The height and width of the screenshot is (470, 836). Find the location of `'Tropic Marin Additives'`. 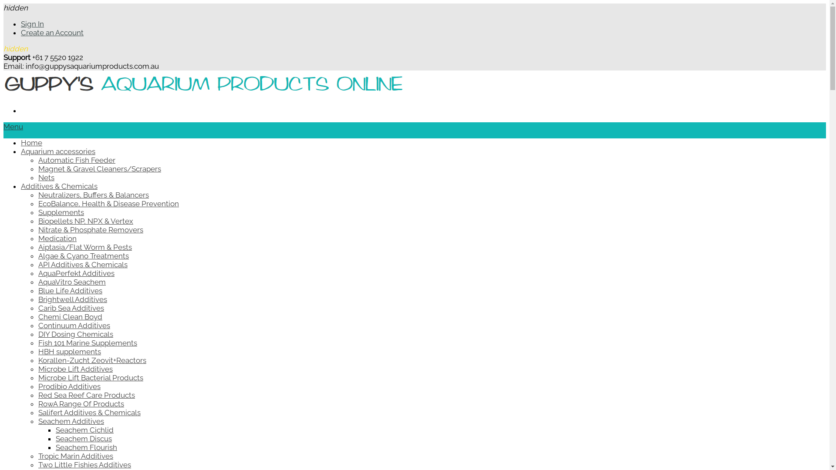

'Tropic Marin Additives' is located at coordinates (75, 456).